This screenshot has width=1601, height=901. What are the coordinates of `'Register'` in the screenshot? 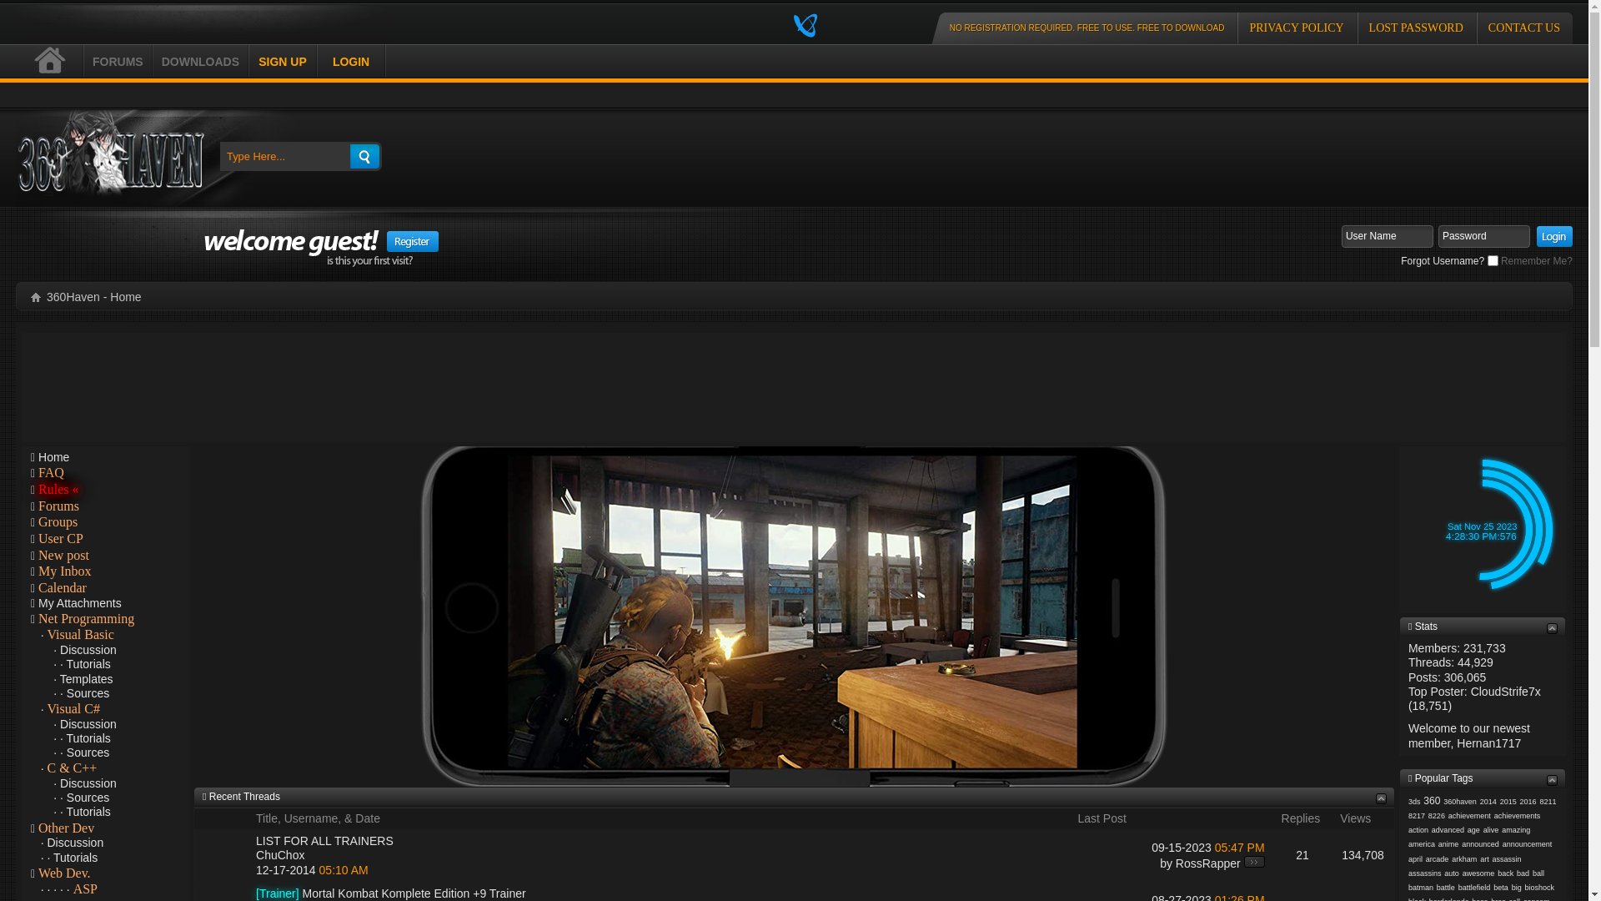 It's located at (386, 241).